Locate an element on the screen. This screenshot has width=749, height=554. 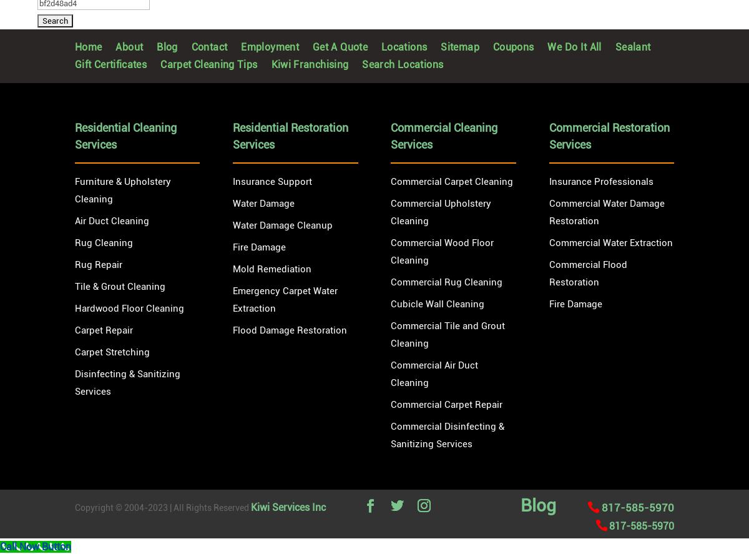
'We Do It All' is located at coordinates (557, 46).